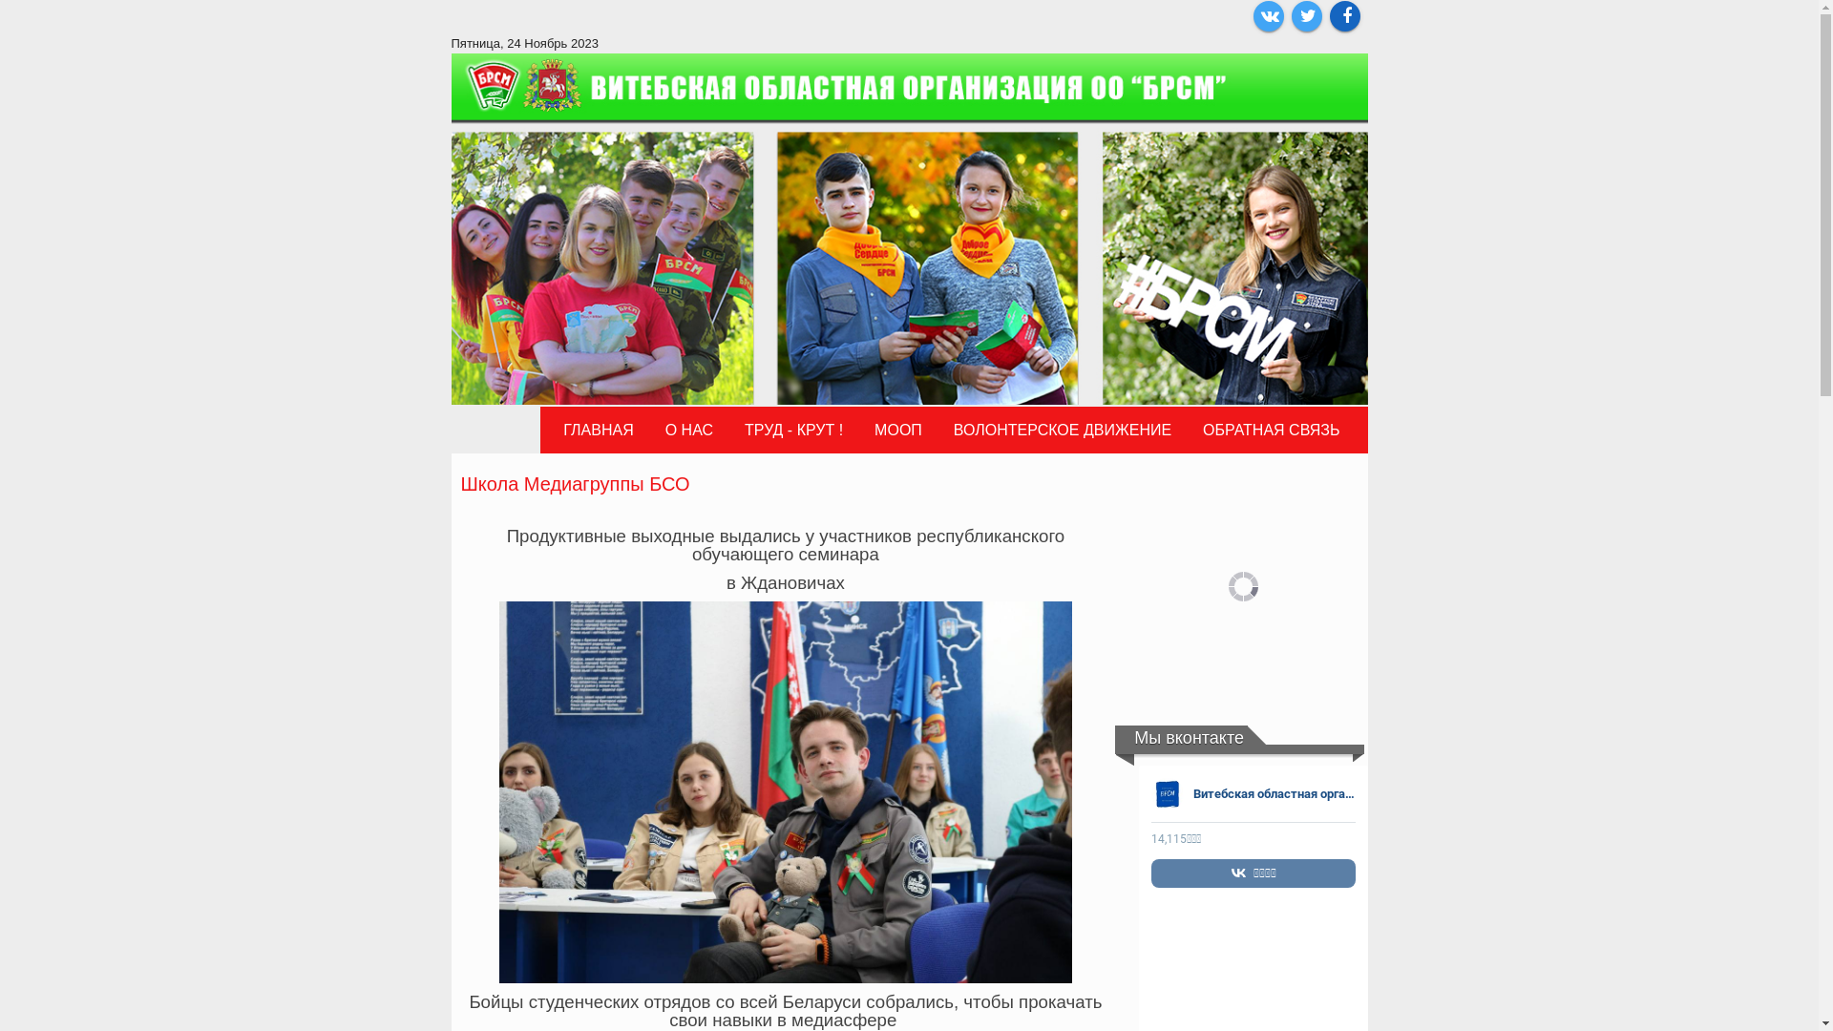 The height and width of the screenshot is (1031, 1833). I want to click on 'Facebook', so click(1342, 15).